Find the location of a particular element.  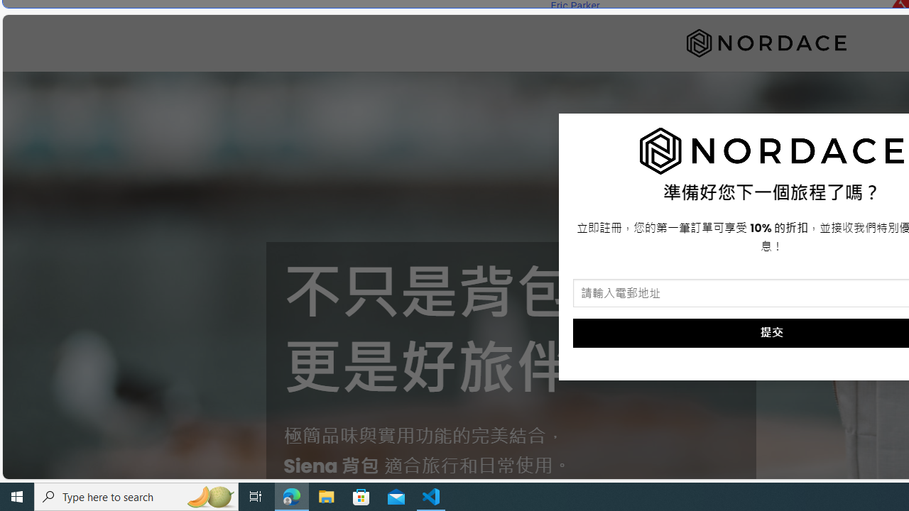

'Type here to search' is located at coordinates (136, 495).